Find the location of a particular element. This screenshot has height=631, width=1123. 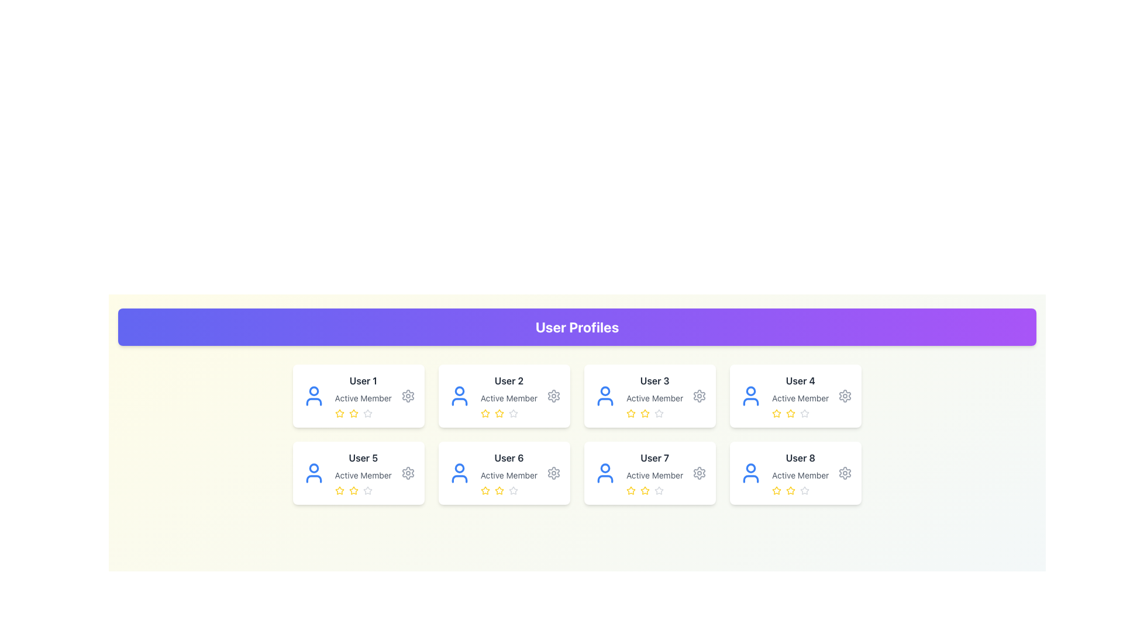

the third star is located at coordinates (804, 490).